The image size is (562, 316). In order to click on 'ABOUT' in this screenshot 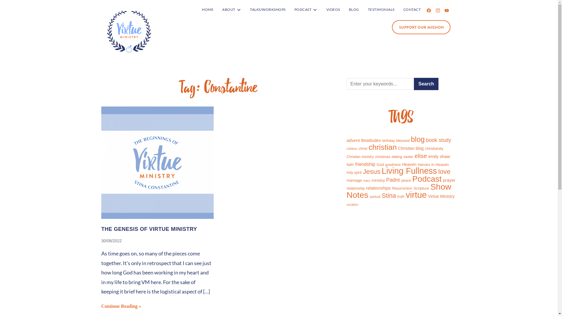, I will do `click(222, 10)`.